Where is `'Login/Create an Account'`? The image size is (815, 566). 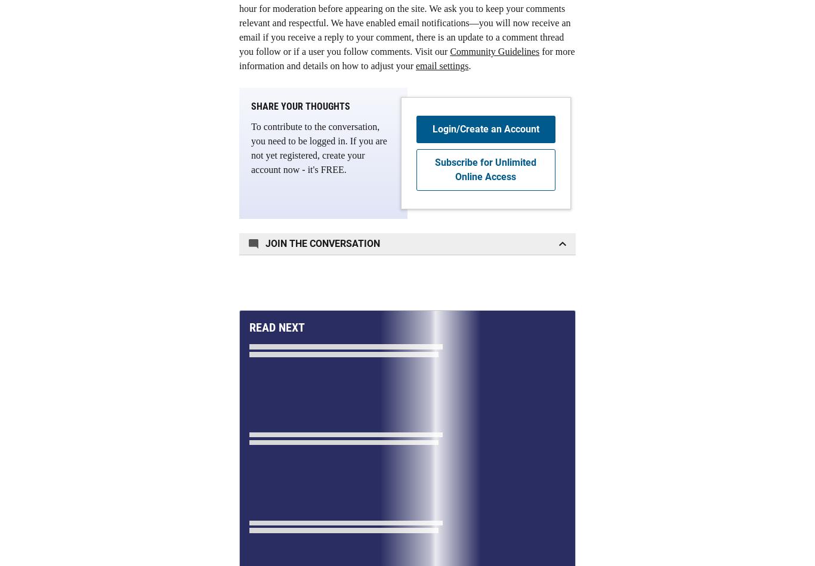 'Login/Create an Account' is located at coordinates (484, 128).